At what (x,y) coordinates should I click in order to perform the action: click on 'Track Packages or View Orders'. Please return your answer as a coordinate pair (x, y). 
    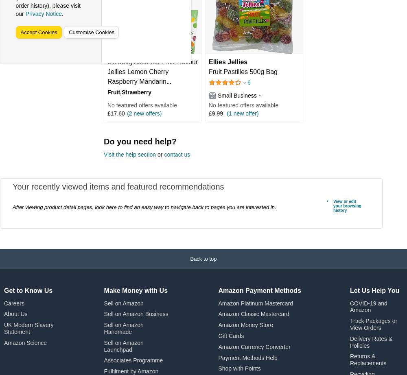
    Looking at the image, I should click on (349, 324).